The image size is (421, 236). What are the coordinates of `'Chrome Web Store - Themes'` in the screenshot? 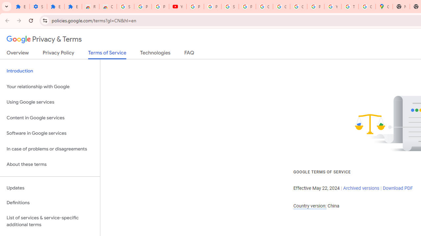 It's located at (108, 7).